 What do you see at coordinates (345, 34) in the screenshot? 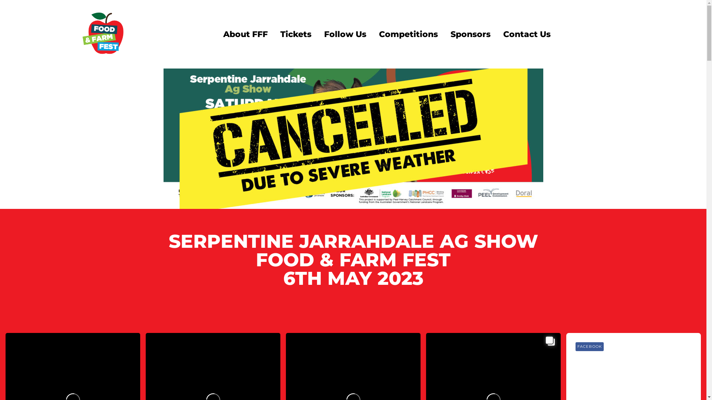
I see `'Follow Us'` at bounding box center [345, 34].